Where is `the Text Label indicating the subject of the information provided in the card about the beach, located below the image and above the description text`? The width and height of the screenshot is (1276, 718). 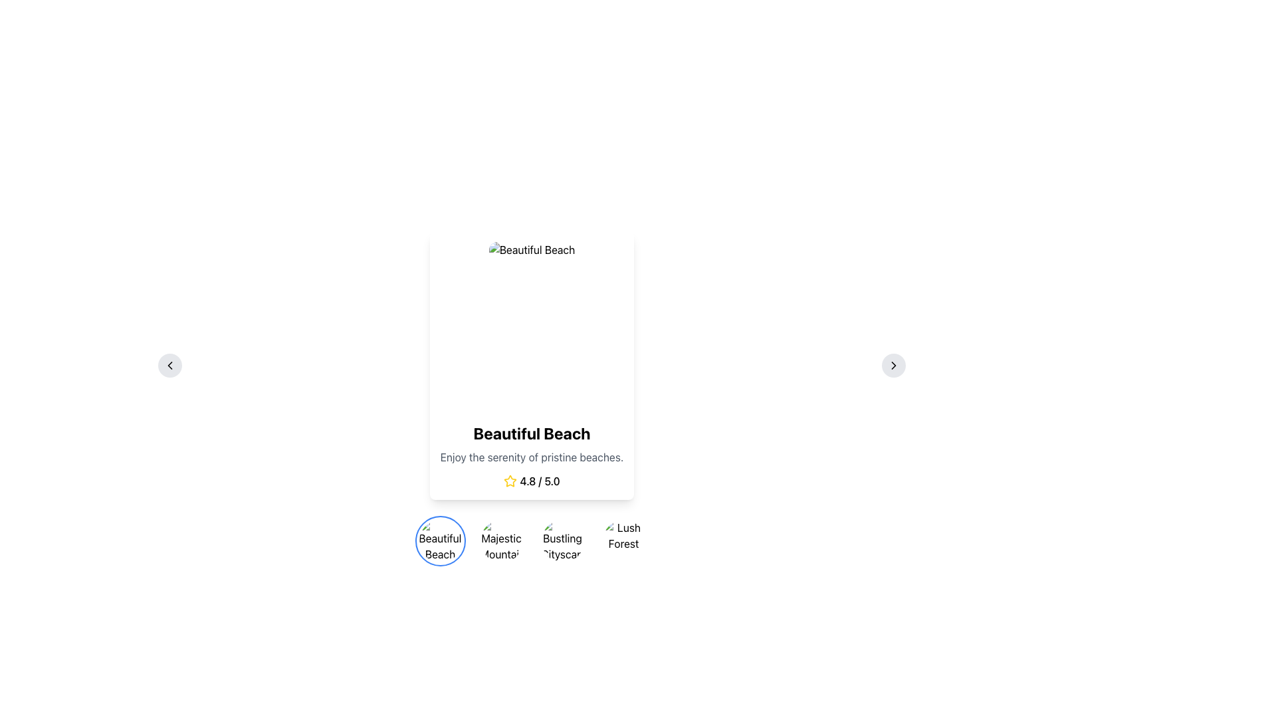 the Text Label indicating the subject of the information provided in the card about the beach, located below the image and above the description text is located at coordinates (532, 433).